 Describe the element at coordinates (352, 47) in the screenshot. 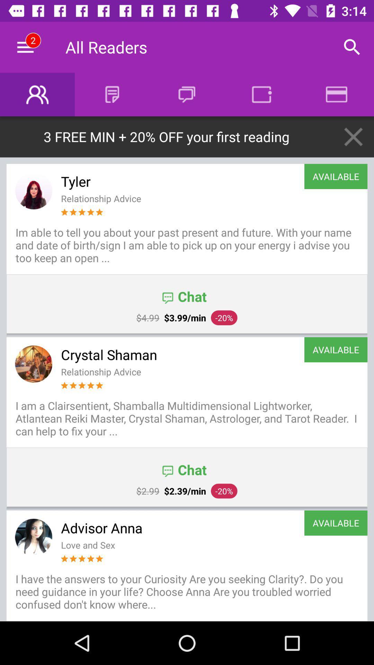

I see `the icon next to the all readers item` at that location.